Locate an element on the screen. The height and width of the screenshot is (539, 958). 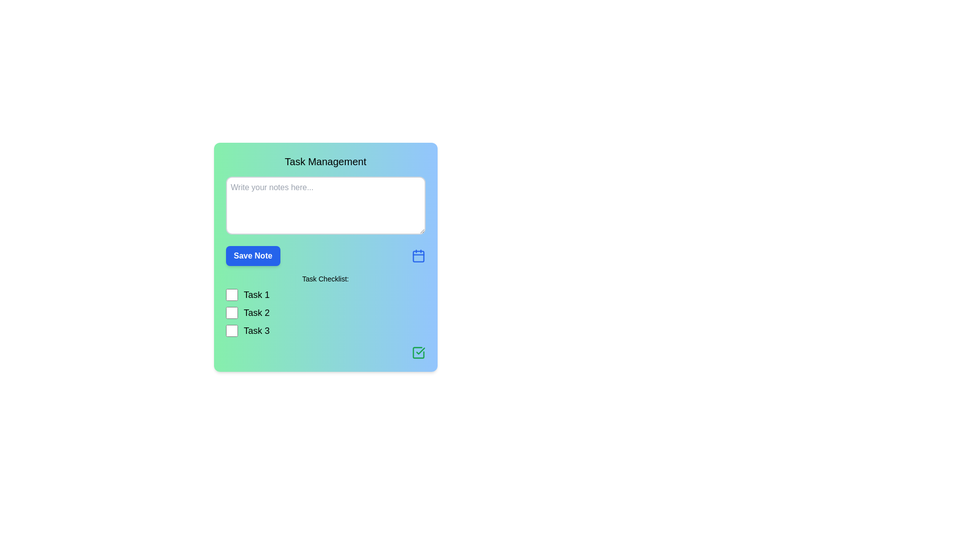
the Text Label that describes the checklist item located directly to the right of the checkbox in the vertically-arranged checklist section is located at coordinates (256, 294).